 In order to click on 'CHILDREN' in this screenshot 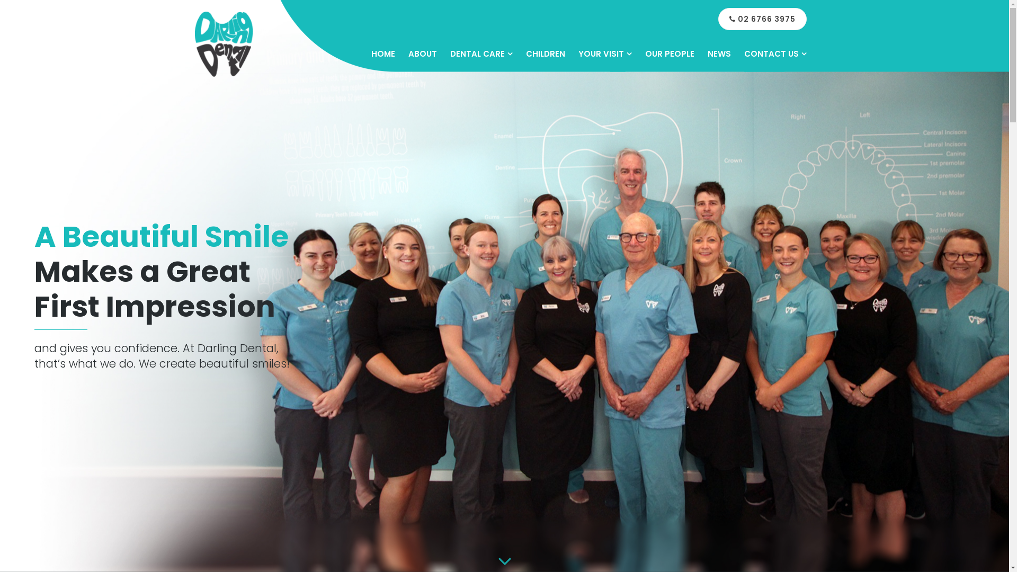, I will do `click(525, 53)`.